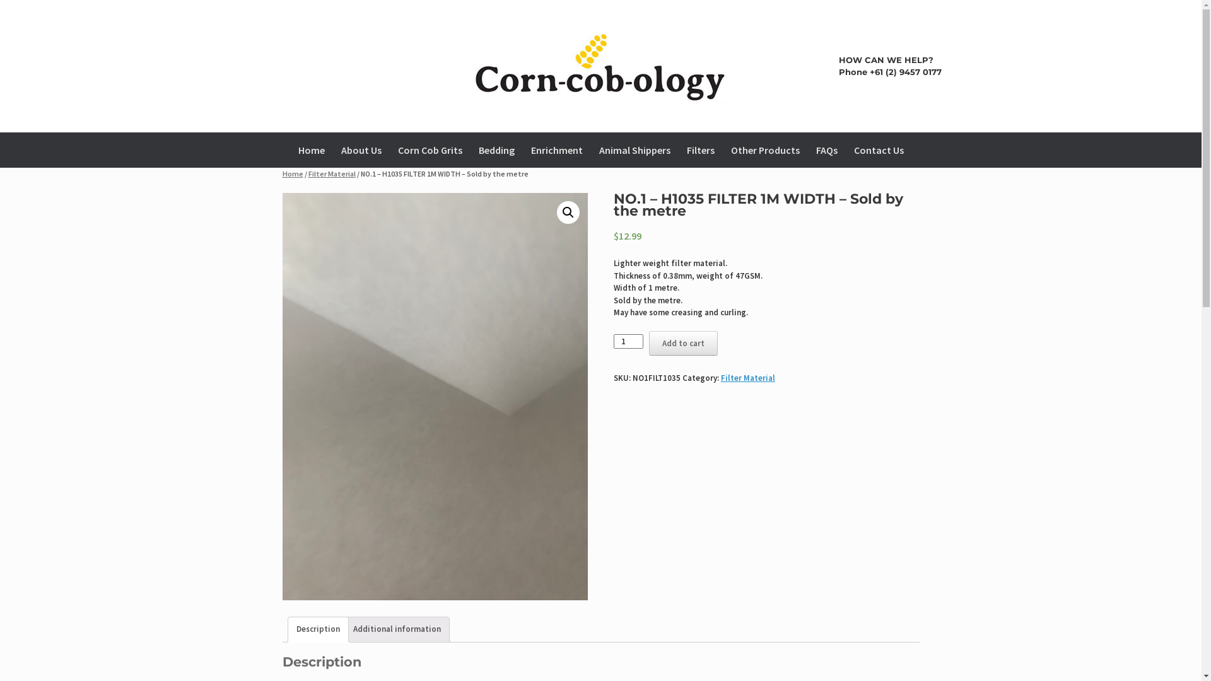 The image size is (1211, 681). I want to click on 'FAQs', so click(826, 149).